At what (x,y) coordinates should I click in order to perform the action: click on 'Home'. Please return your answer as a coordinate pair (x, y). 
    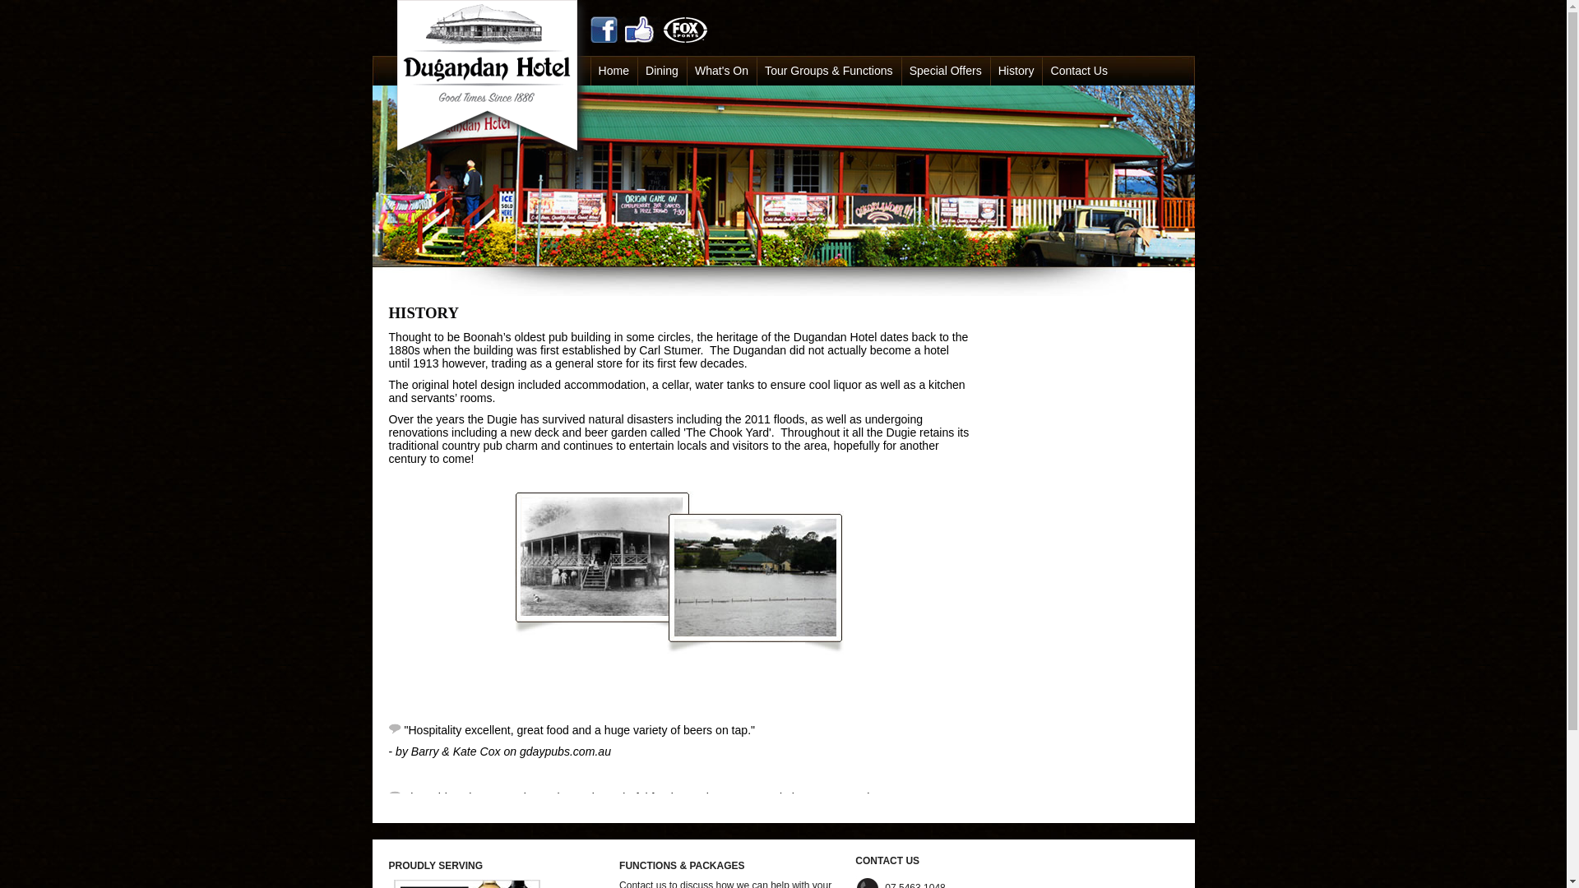
    Looking at the image, I should click on (614, 69).